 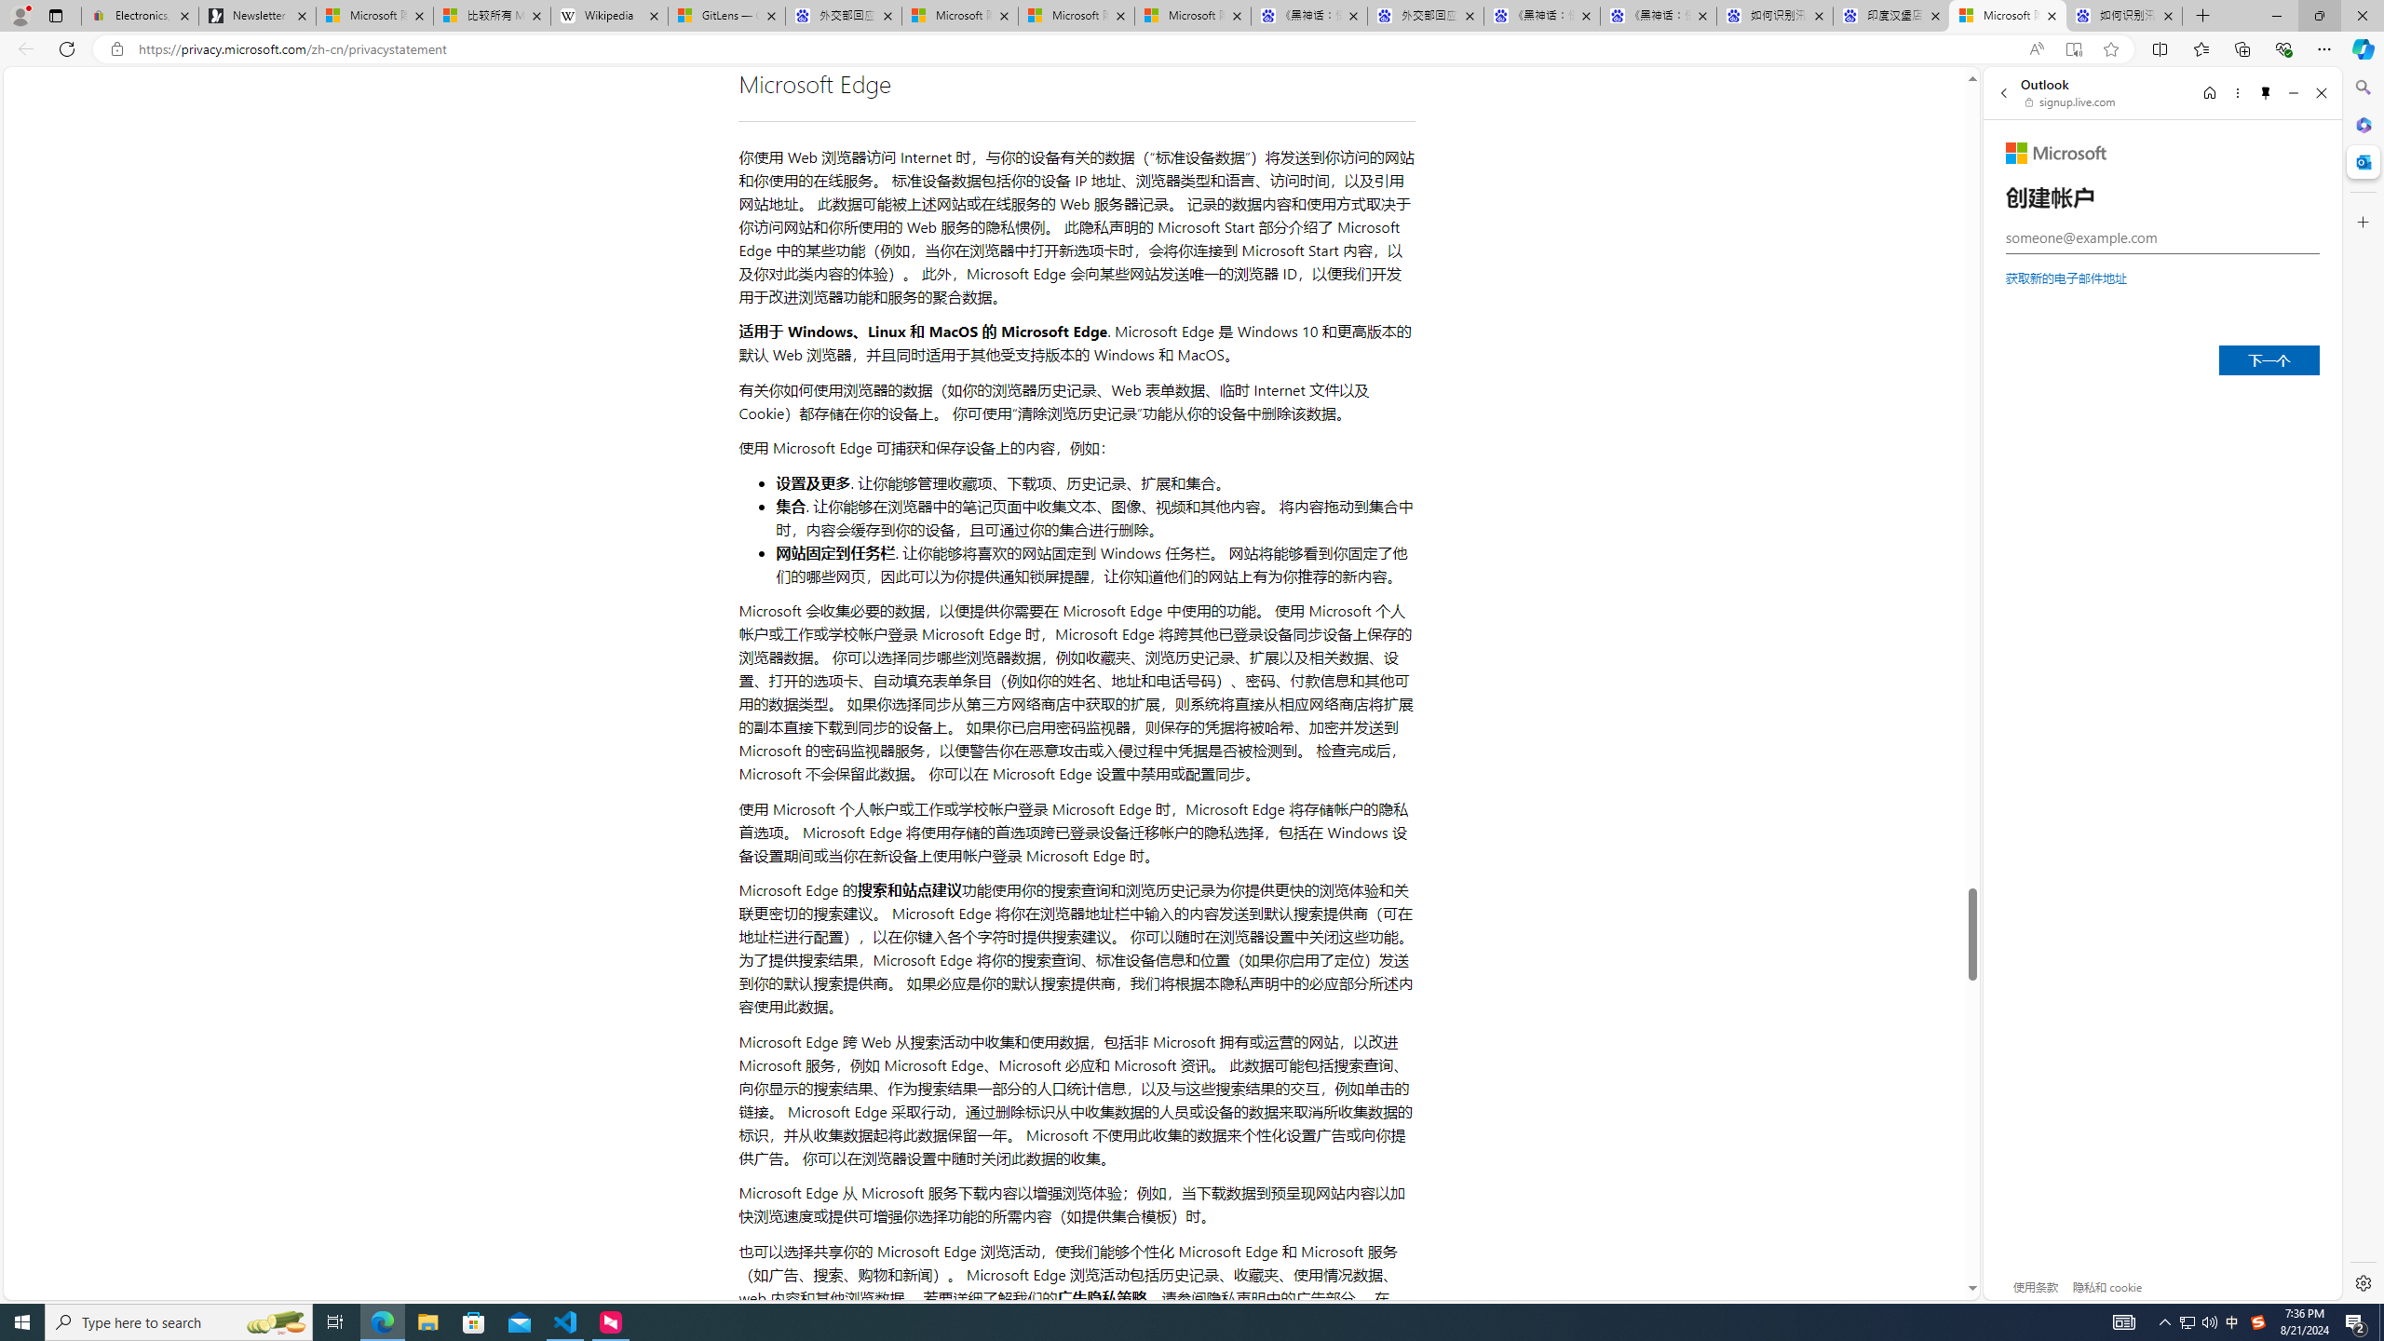 What do you see at coordinates (116, 49) in the screenshot?
I see `'View site information'` at bounding box center [116, 49].